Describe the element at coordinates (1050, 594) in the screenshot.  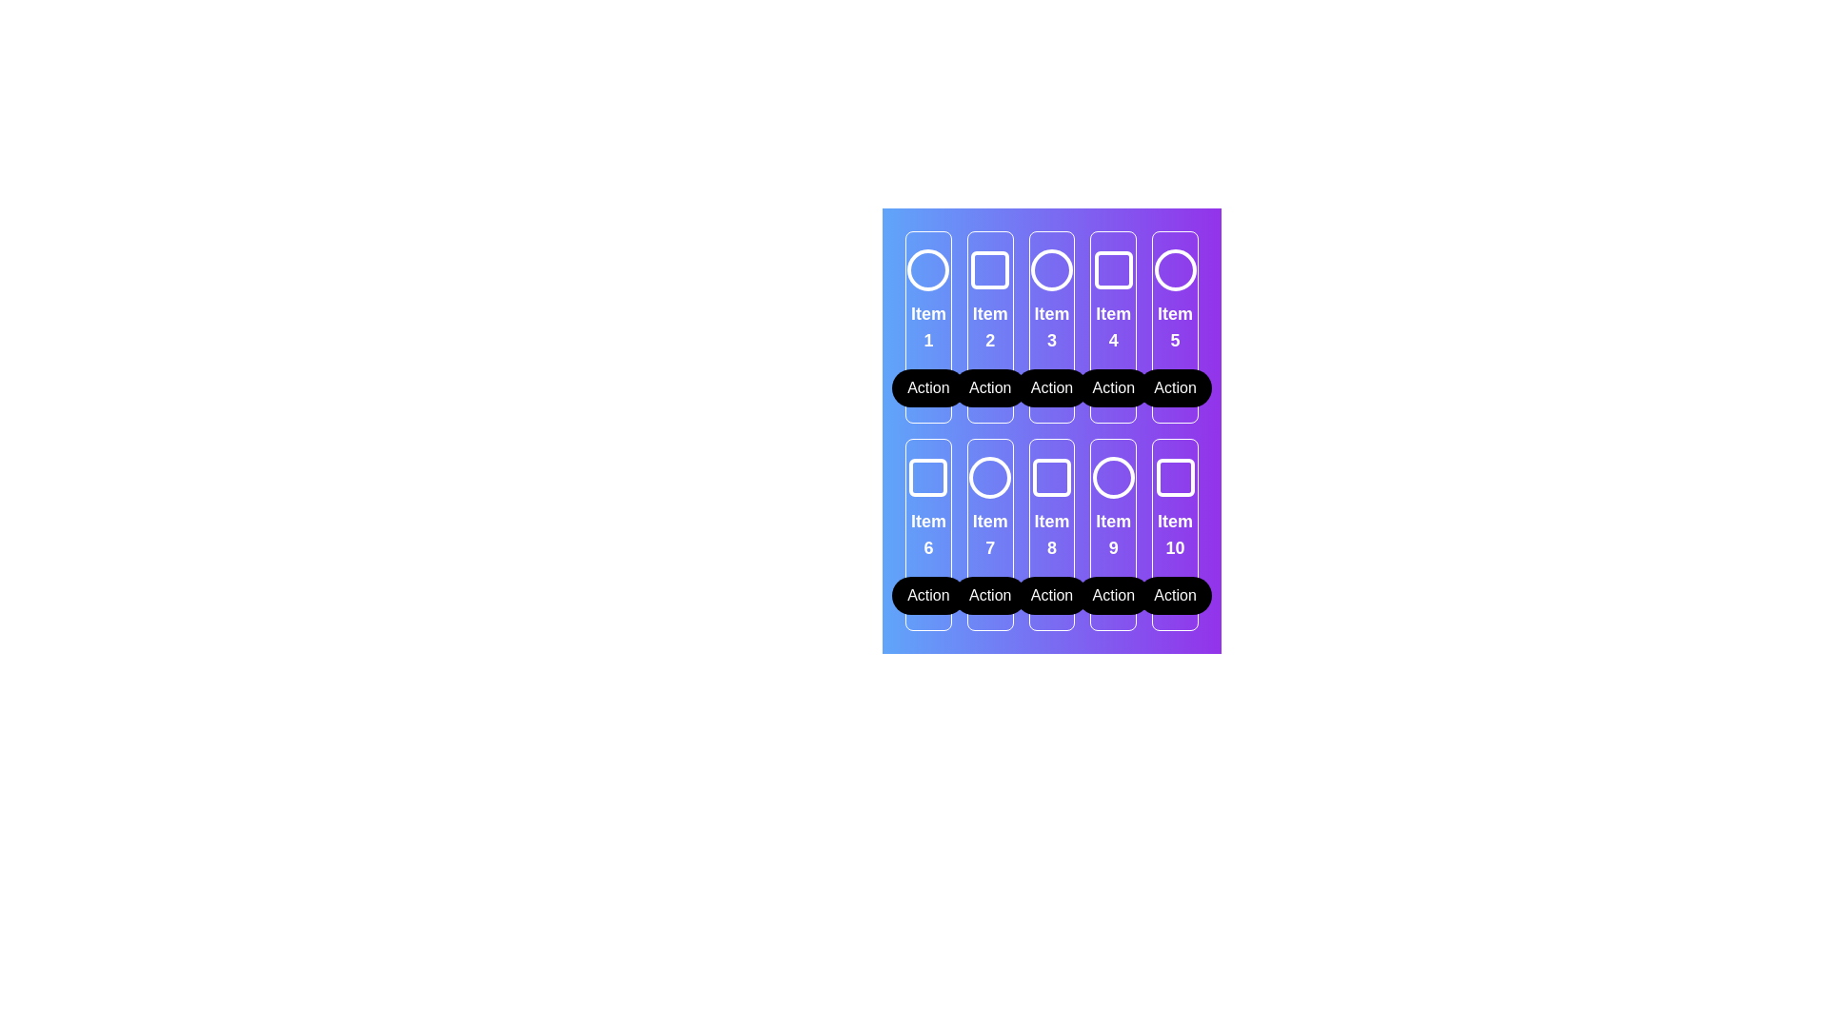
I see `the interactive button labeled 'Action' located in the bottom section of the card labeled 'Item 8'` at that location.